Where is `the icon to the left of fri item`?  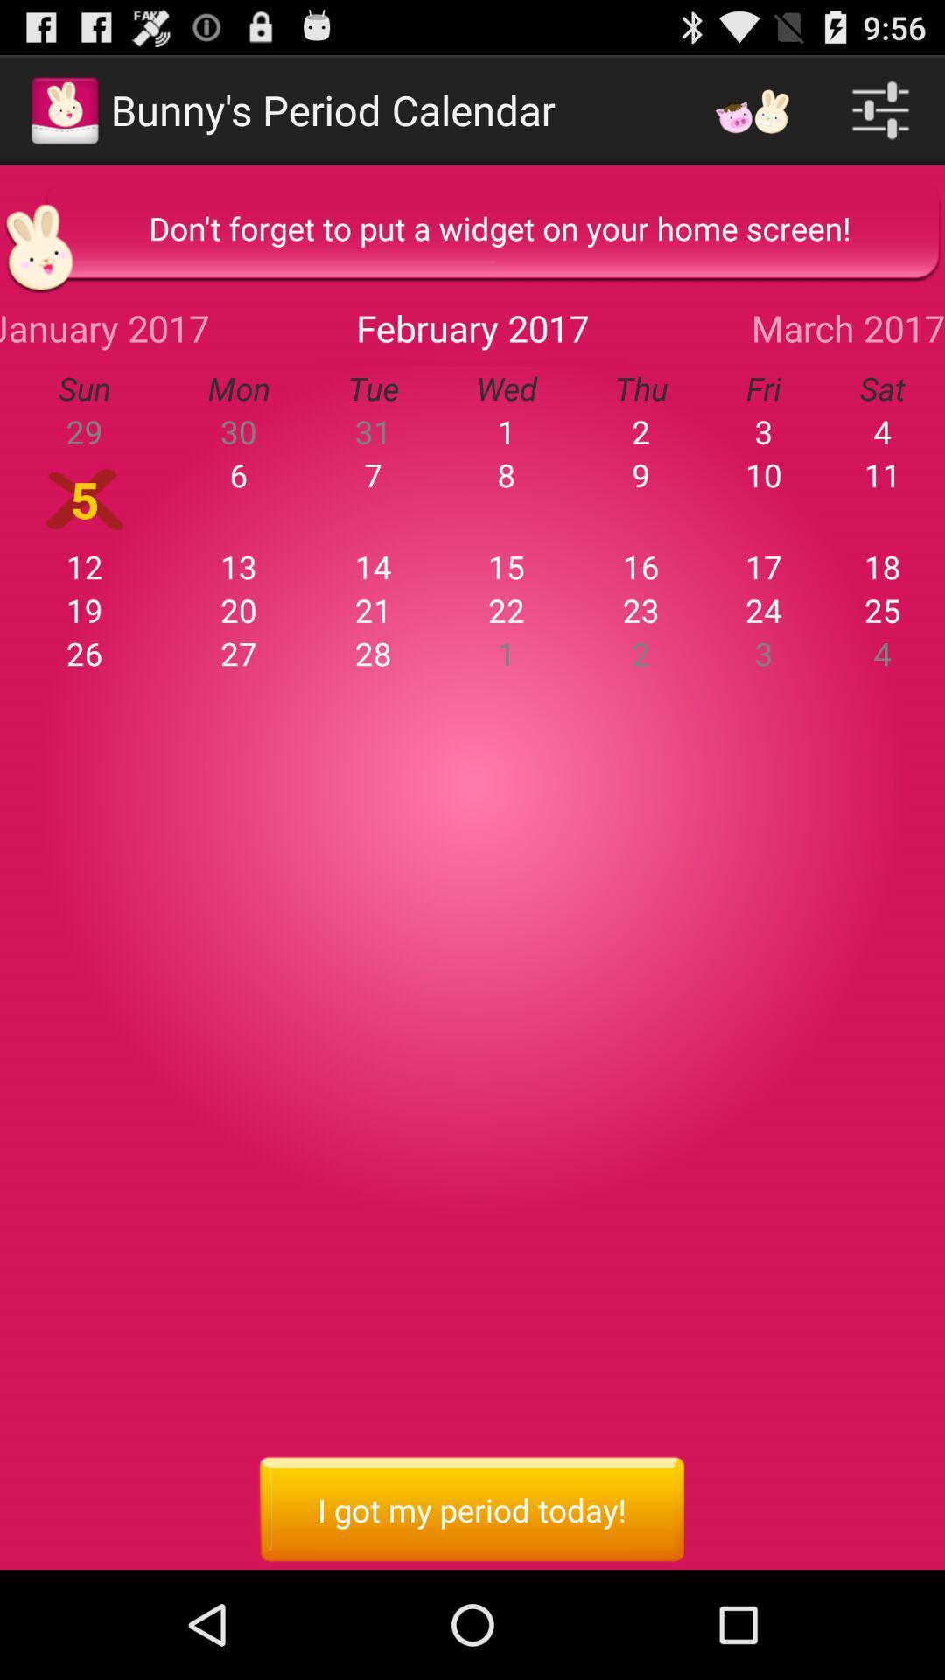 the icon to the left of fri item is located at coordinates (641, 388).